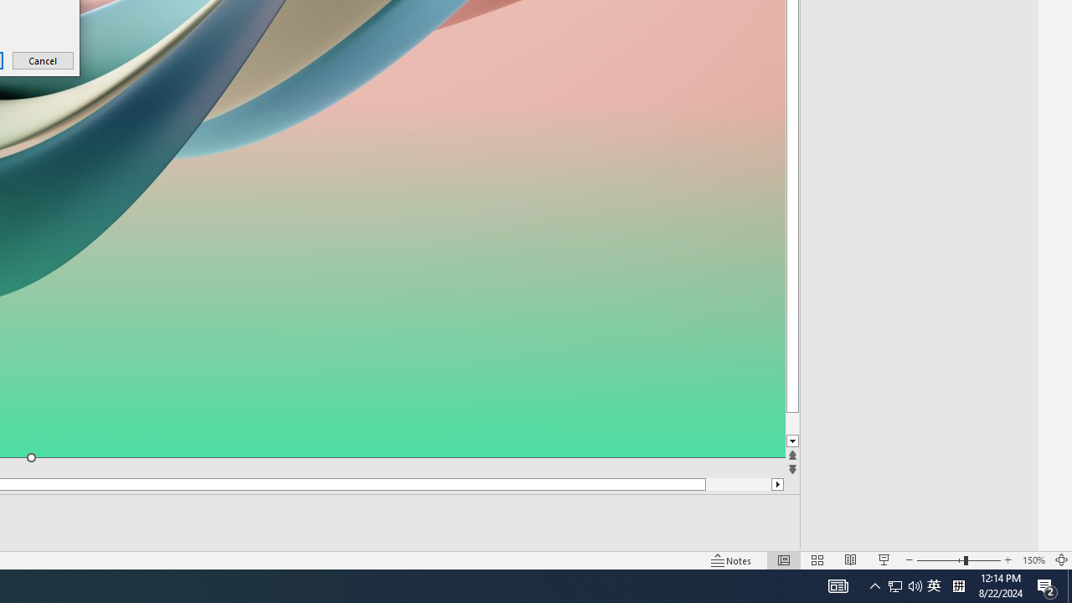  What do you see at coordinates (732, 560) in the screenshot?
I see `'Notes '` at bounding box center [732, 560].